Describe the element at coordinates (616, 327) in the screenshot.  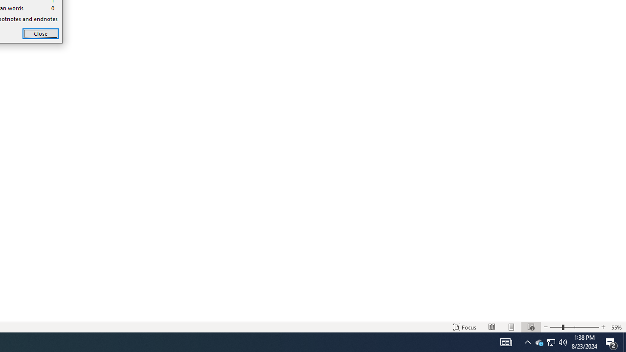
I see `'Zoom 55%'` at that location.